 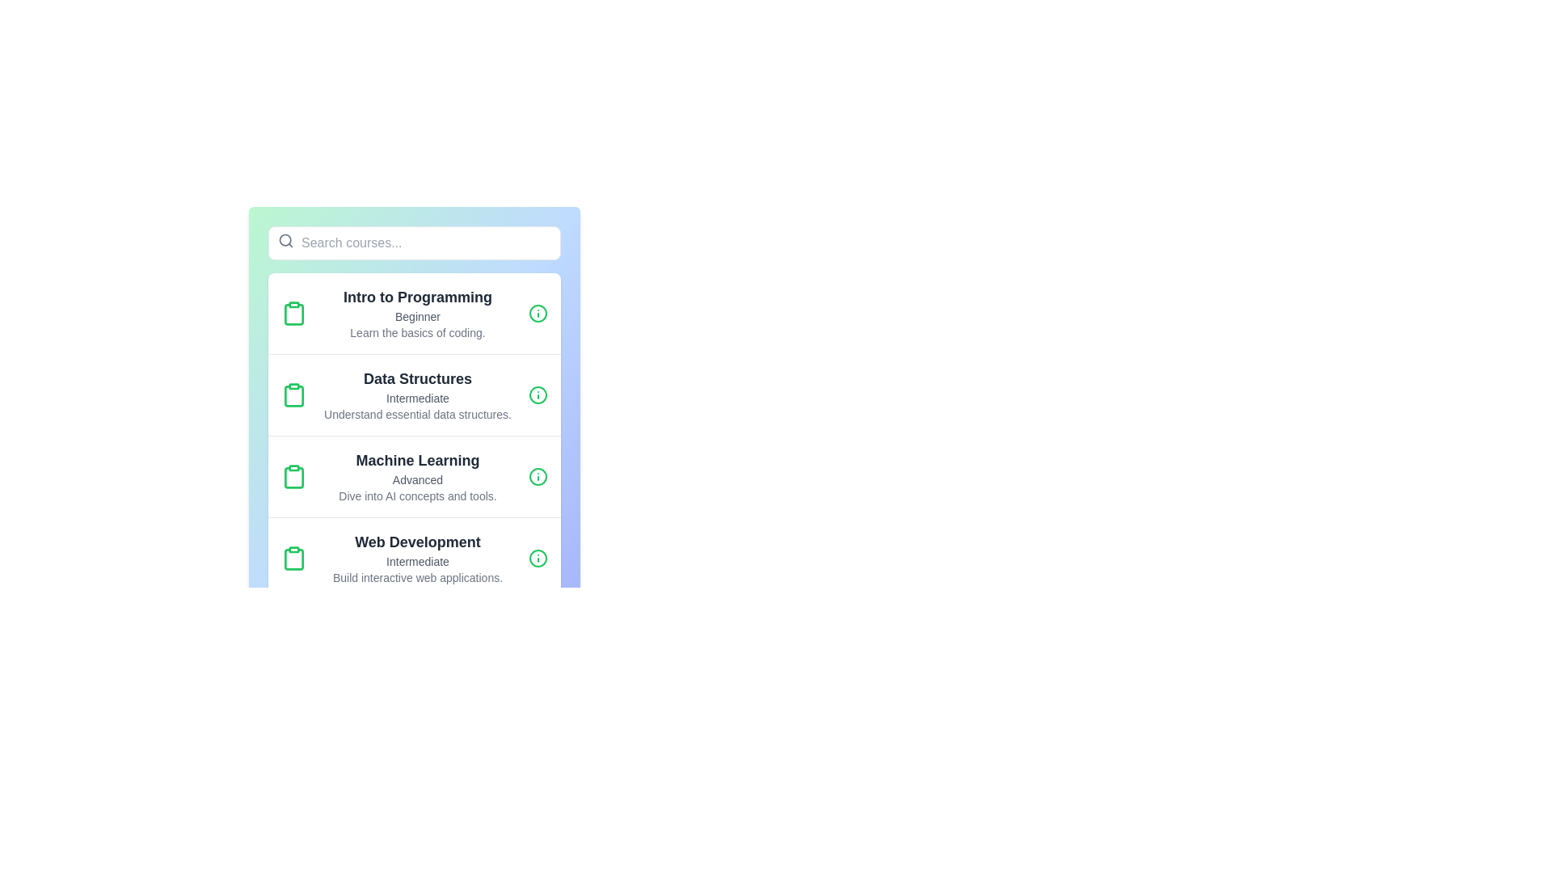 What do you see at coordinates (418, 542) in the screenshot?
I see `the text label serving as the title for the course, which is the fourth list item in a vertically stacked list` at bounding box center [418, 542].